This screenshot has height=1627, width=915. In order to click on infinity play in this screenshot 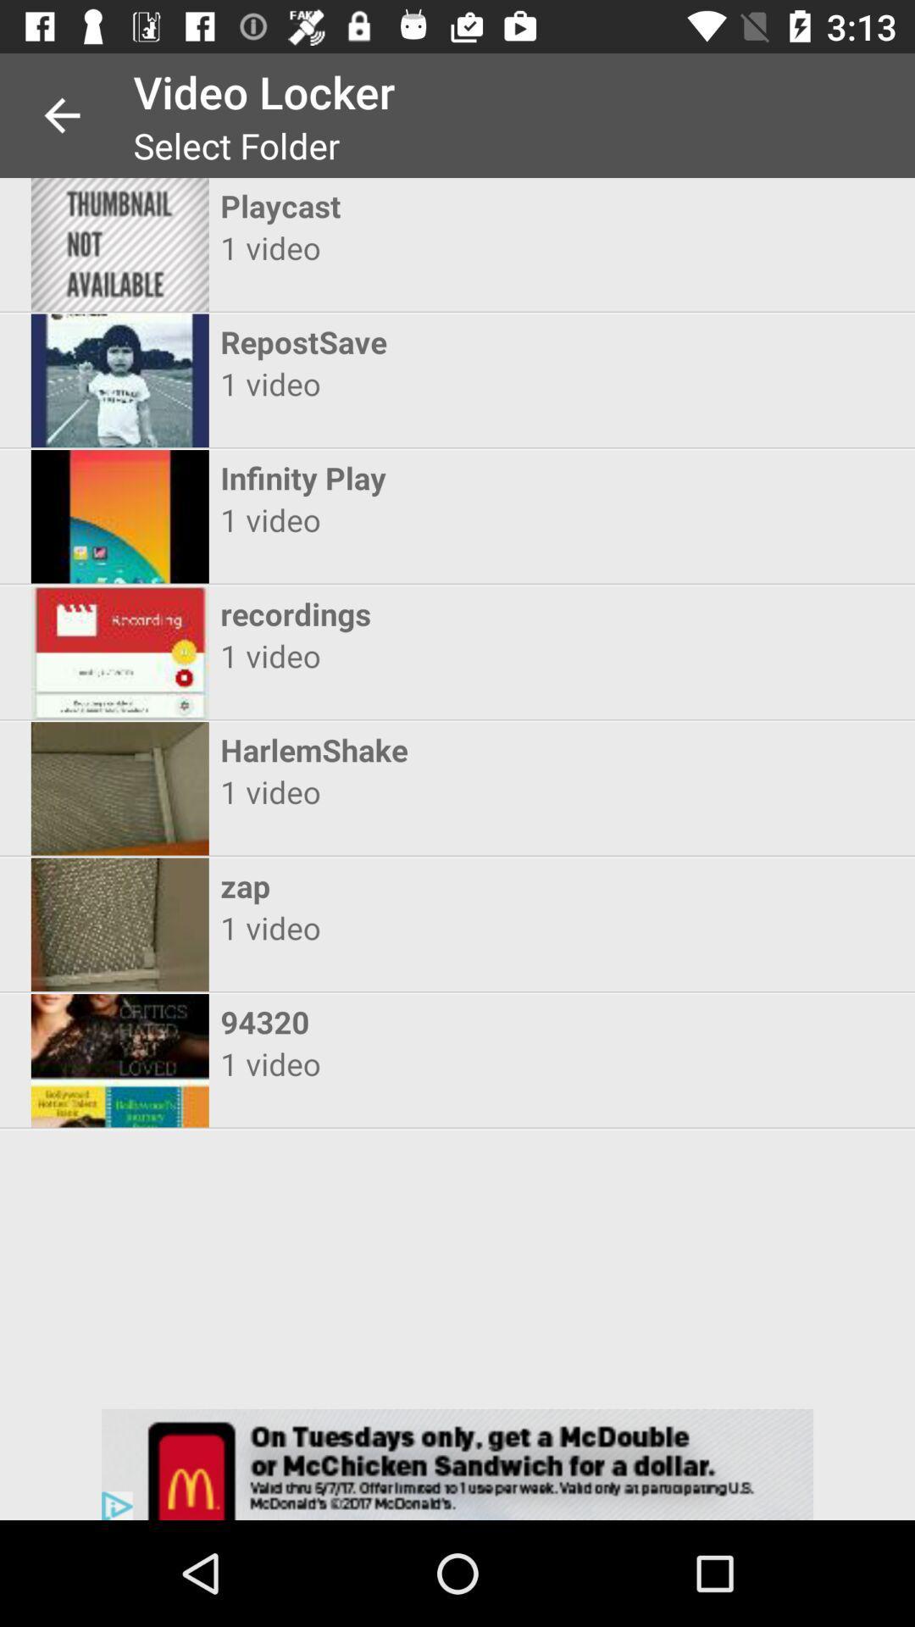, I will do `click(441, 477)`.